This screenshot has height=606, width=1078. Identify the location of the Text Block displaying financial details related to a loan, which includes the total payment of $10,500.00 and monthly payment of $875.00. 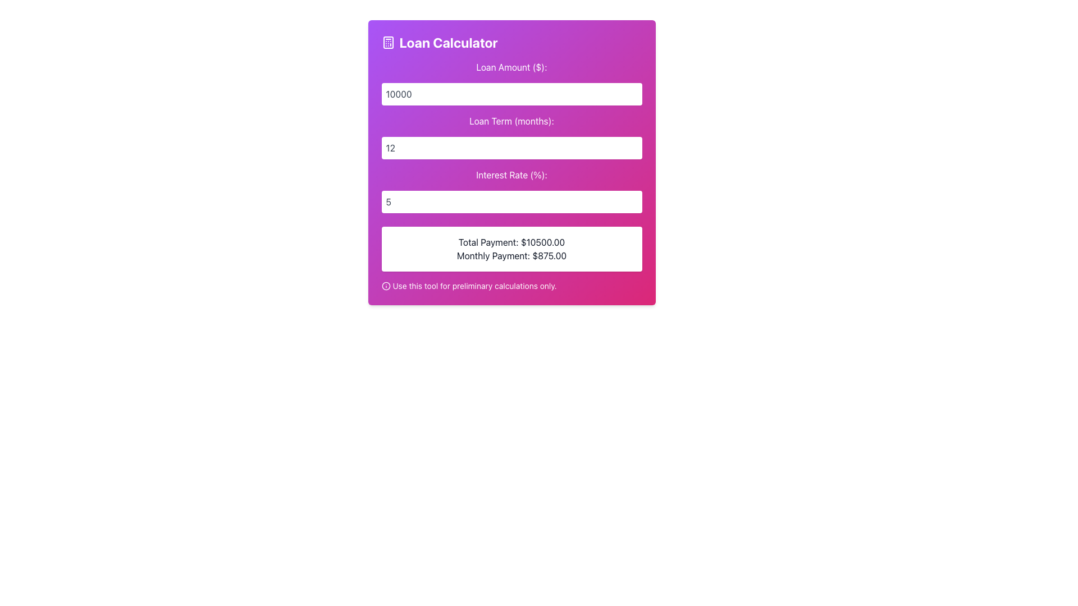
(511, 248).